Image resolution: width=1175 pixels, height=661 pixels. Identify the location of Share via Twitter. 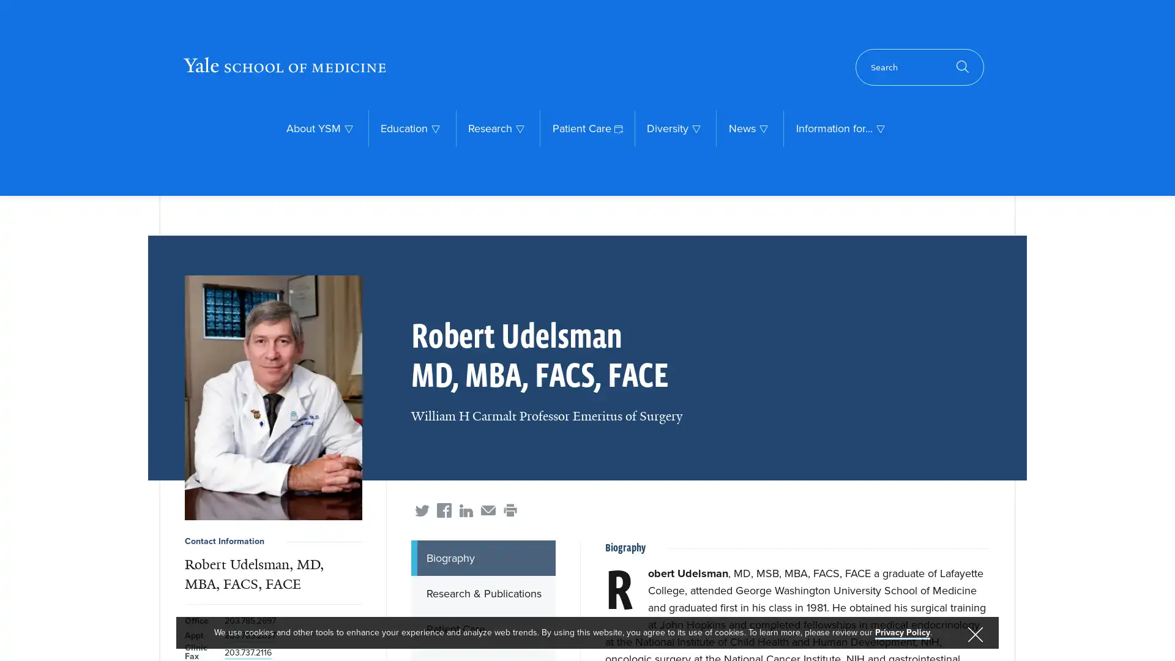
(422, 510).